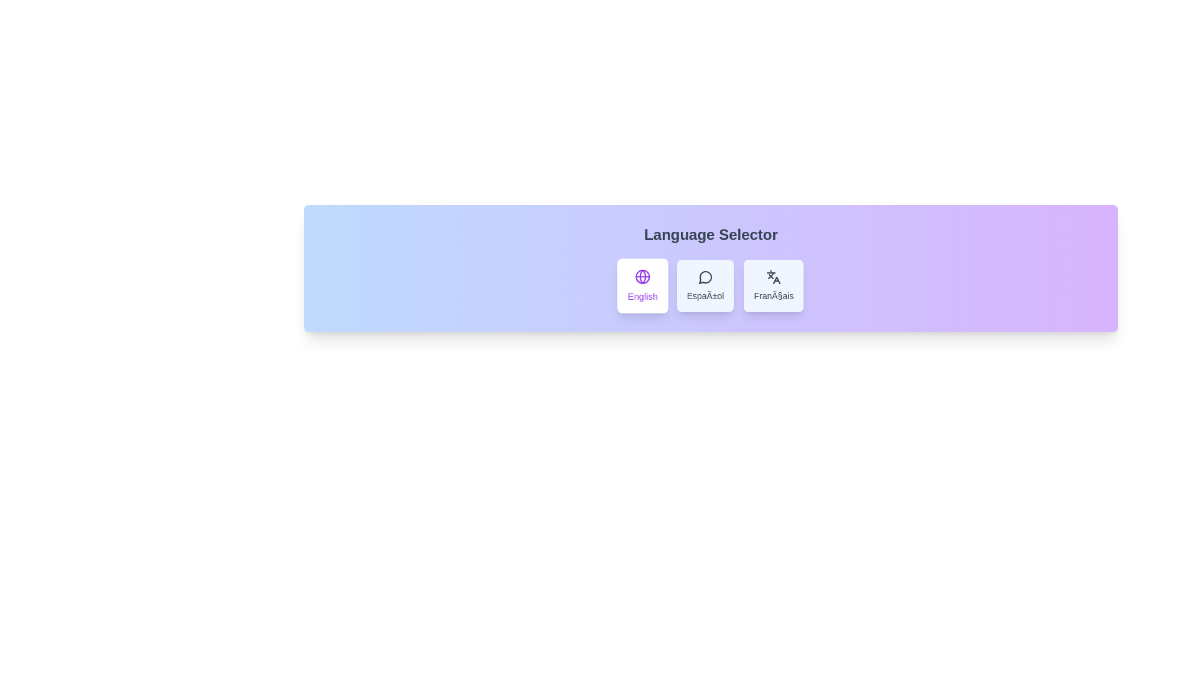  I want to click on the Français button to select the desired language, so click(773, 286).